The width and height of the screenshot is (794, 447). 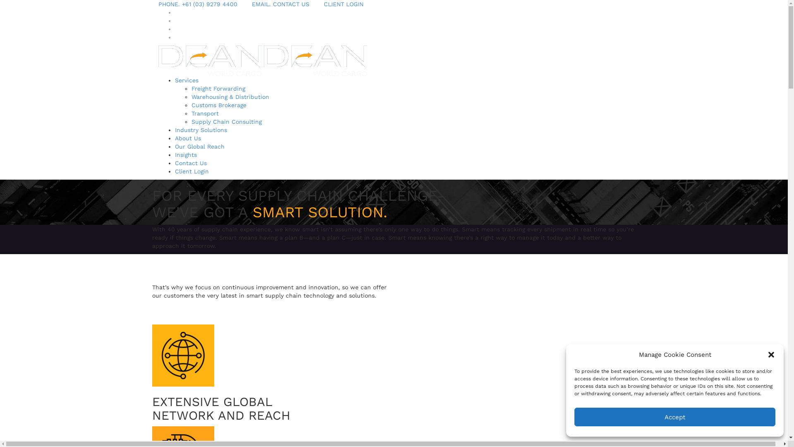 I want to click on 'EMAIL. CONTACT US', so click(x=280, y=4).